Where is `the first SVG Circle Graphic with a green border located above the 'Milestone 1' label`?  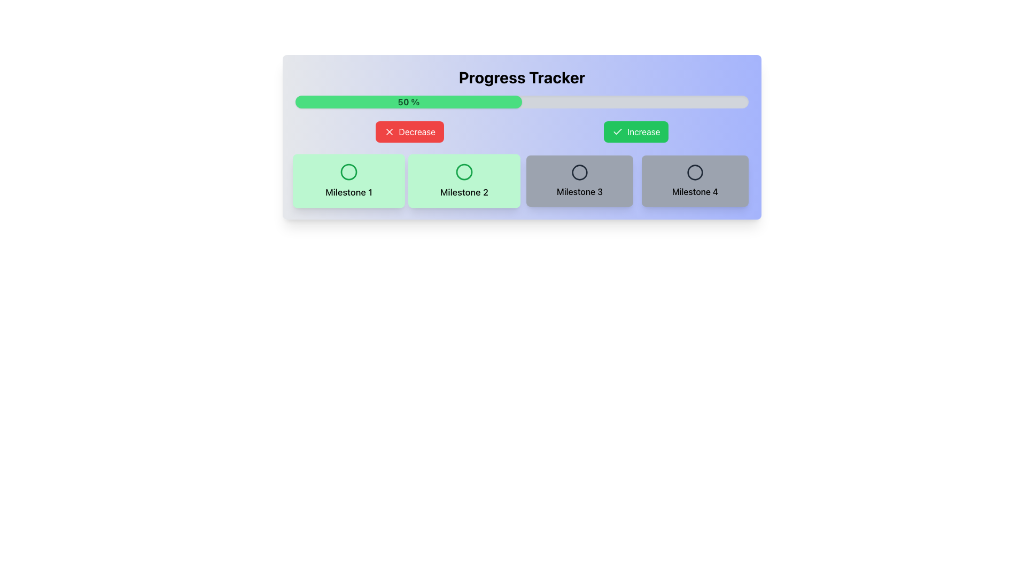 the first SVG Circle Graphic with a green border located above the 'Milestone 1' label is located at coordinates (348, 171).